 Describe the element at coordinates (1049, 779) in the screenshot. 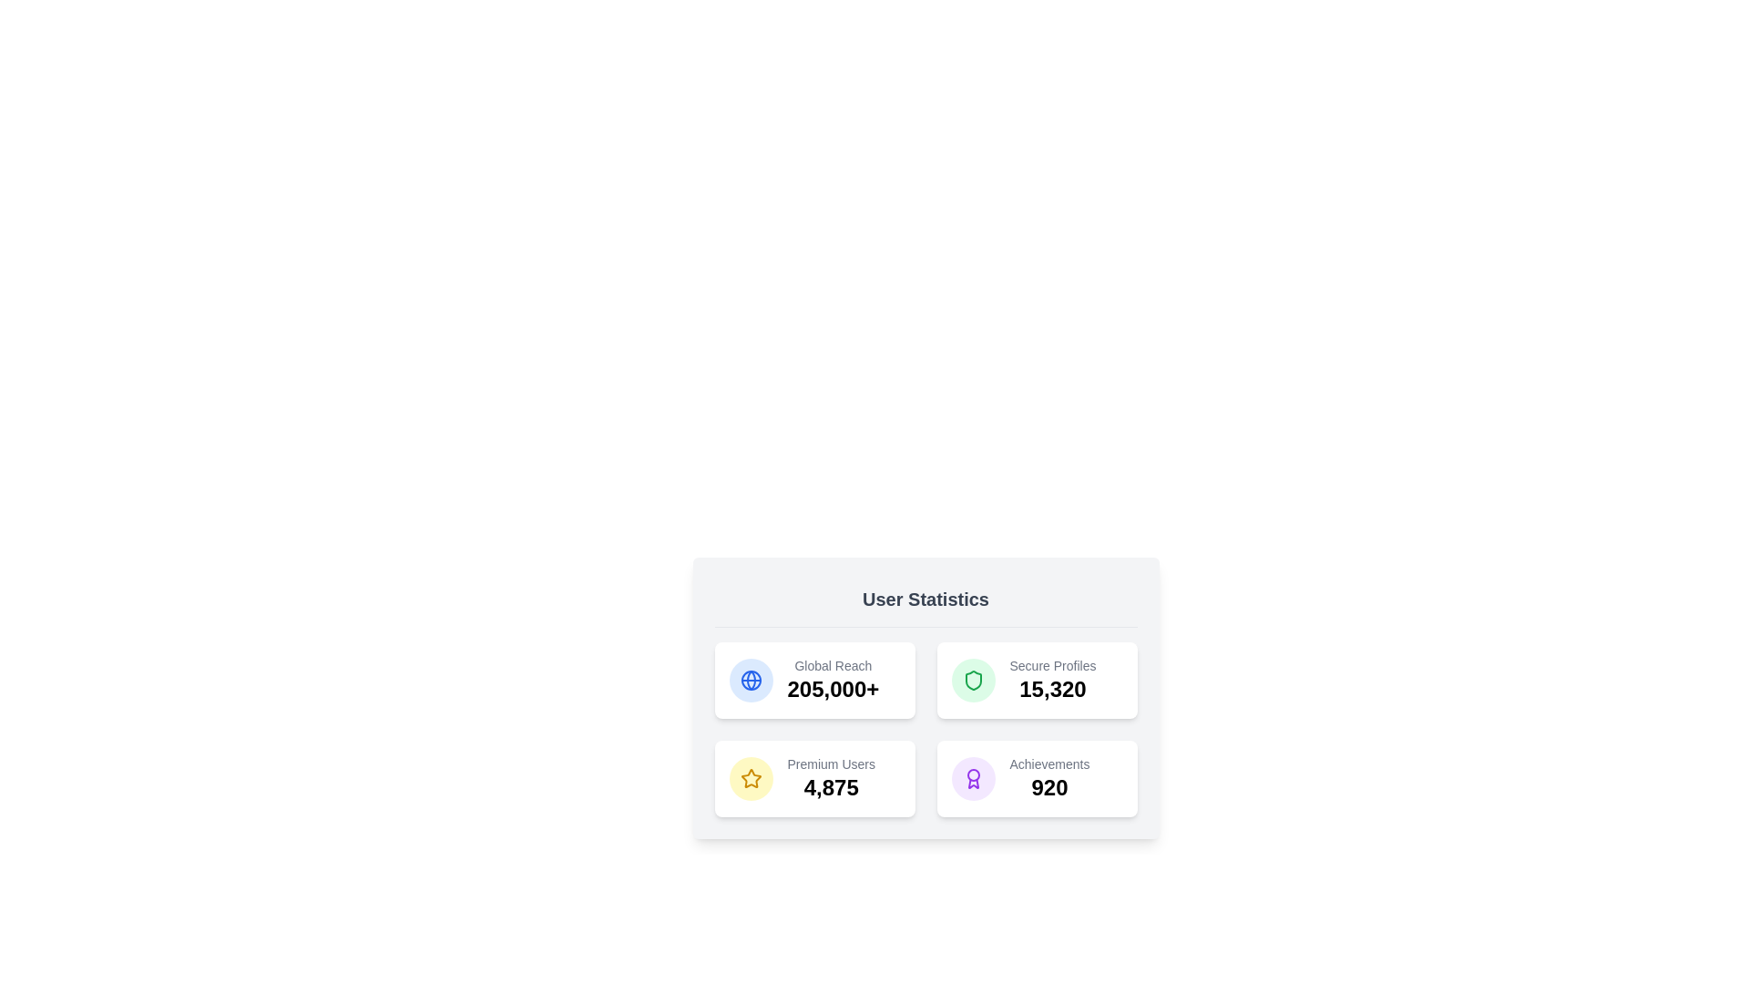

I see `the Statistical display element that shows 'Achievements' in a smaller gray font and the bold number '920' in black, located in the bottom-right quadrant of the User Statistics card` at that location.